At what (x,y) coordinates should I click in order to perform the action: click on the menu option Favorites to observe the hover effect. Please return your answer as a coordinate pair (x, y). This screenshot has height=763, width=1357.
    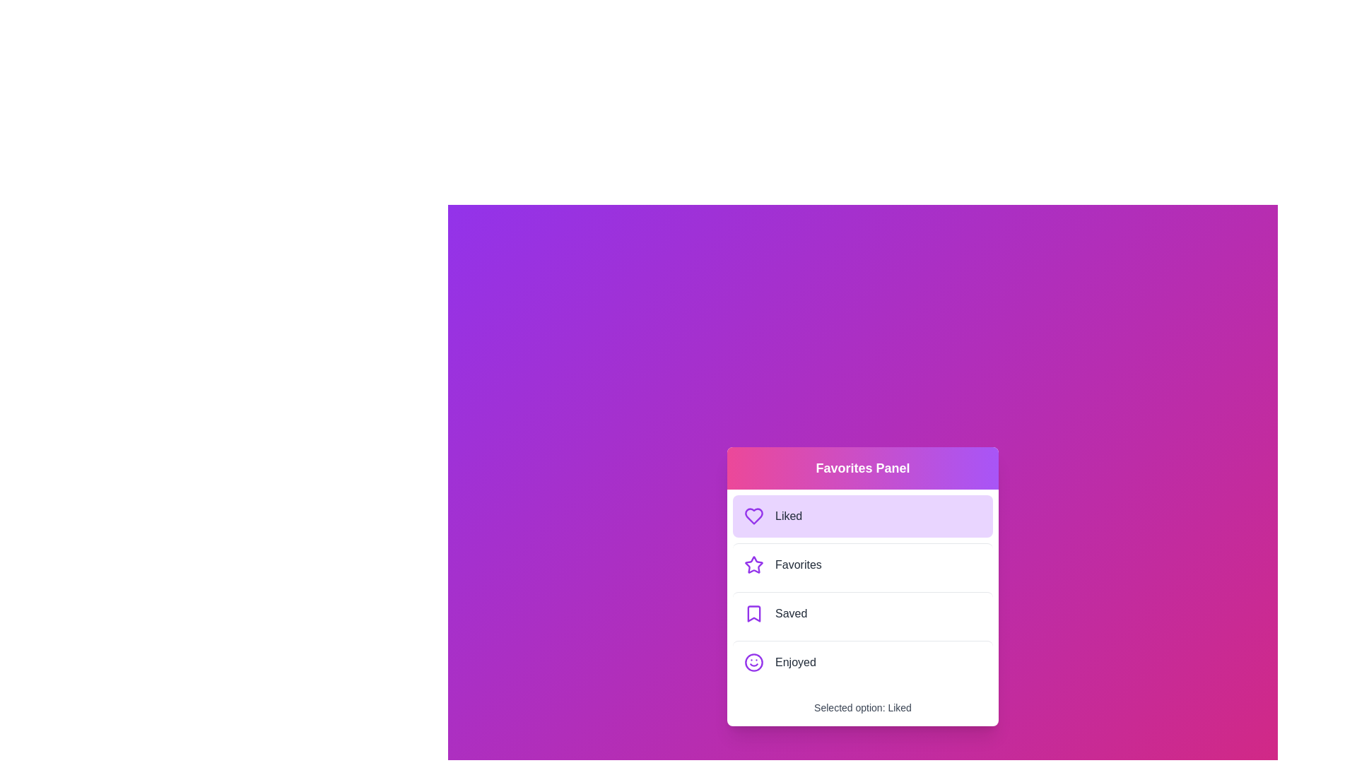
    Looking at the image, I should click on (862, 563).